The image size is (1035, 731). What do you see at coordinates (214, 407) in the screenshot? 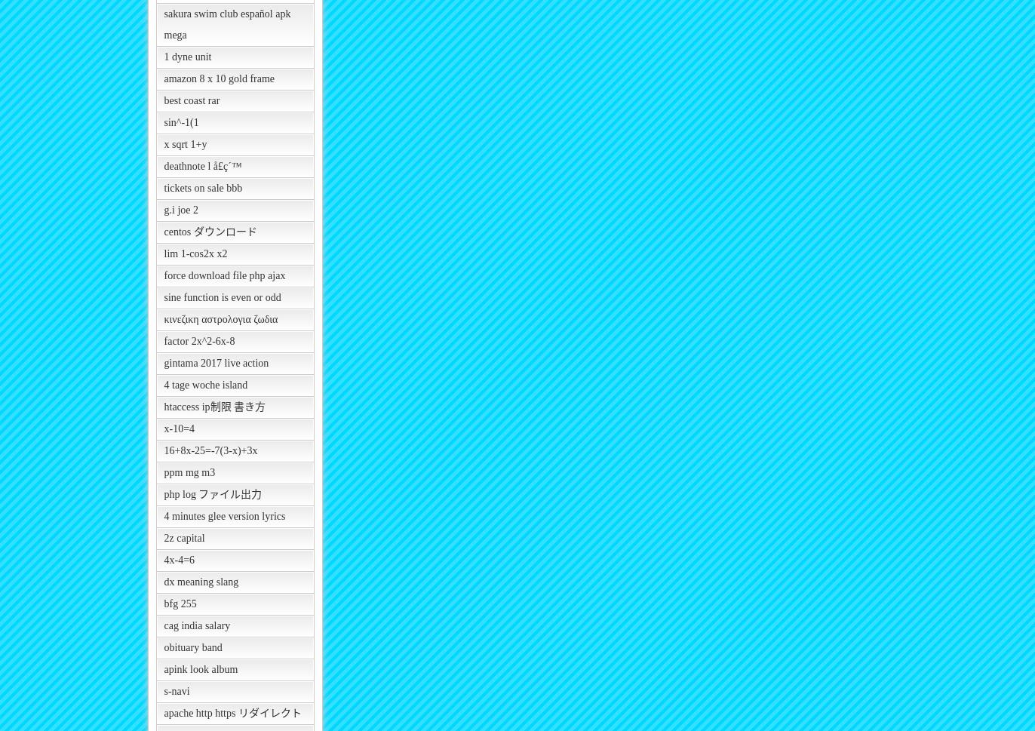
I see `'htaccess ip制限 書き方'` at bounding box center [214, 407].